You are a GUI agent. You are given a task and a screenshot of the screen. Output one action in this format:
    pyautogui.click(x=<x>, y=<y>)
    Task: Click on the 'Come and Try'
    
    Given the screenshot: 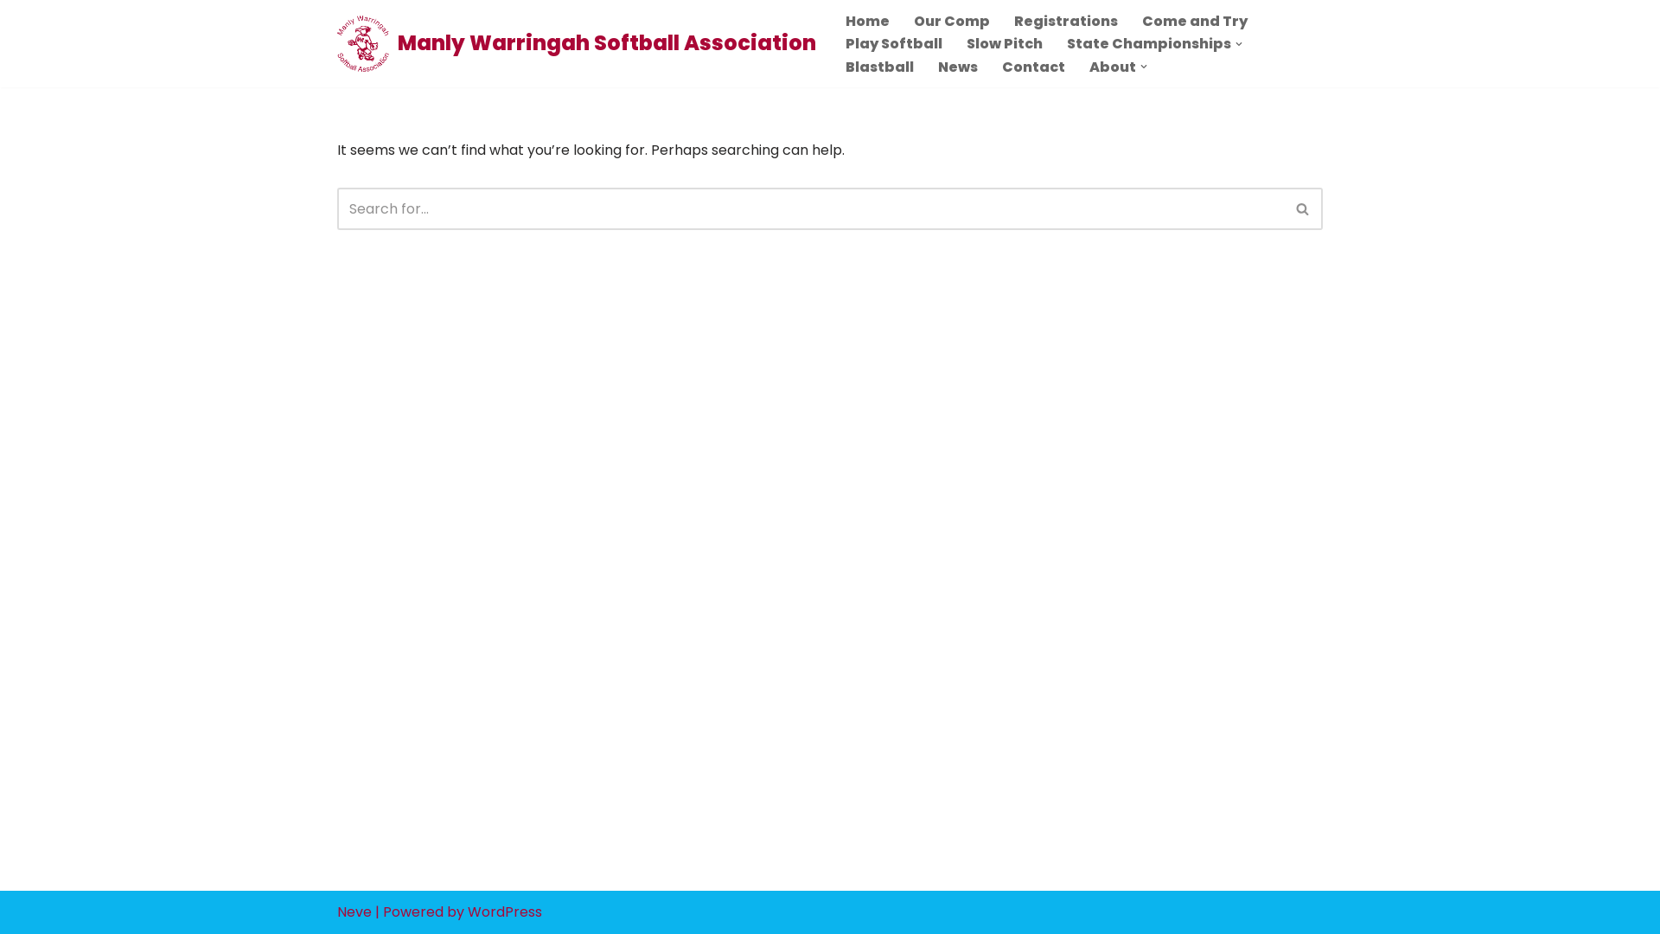 What is the action you would take?
    pyautogui.click(x=1194, y=21)
    